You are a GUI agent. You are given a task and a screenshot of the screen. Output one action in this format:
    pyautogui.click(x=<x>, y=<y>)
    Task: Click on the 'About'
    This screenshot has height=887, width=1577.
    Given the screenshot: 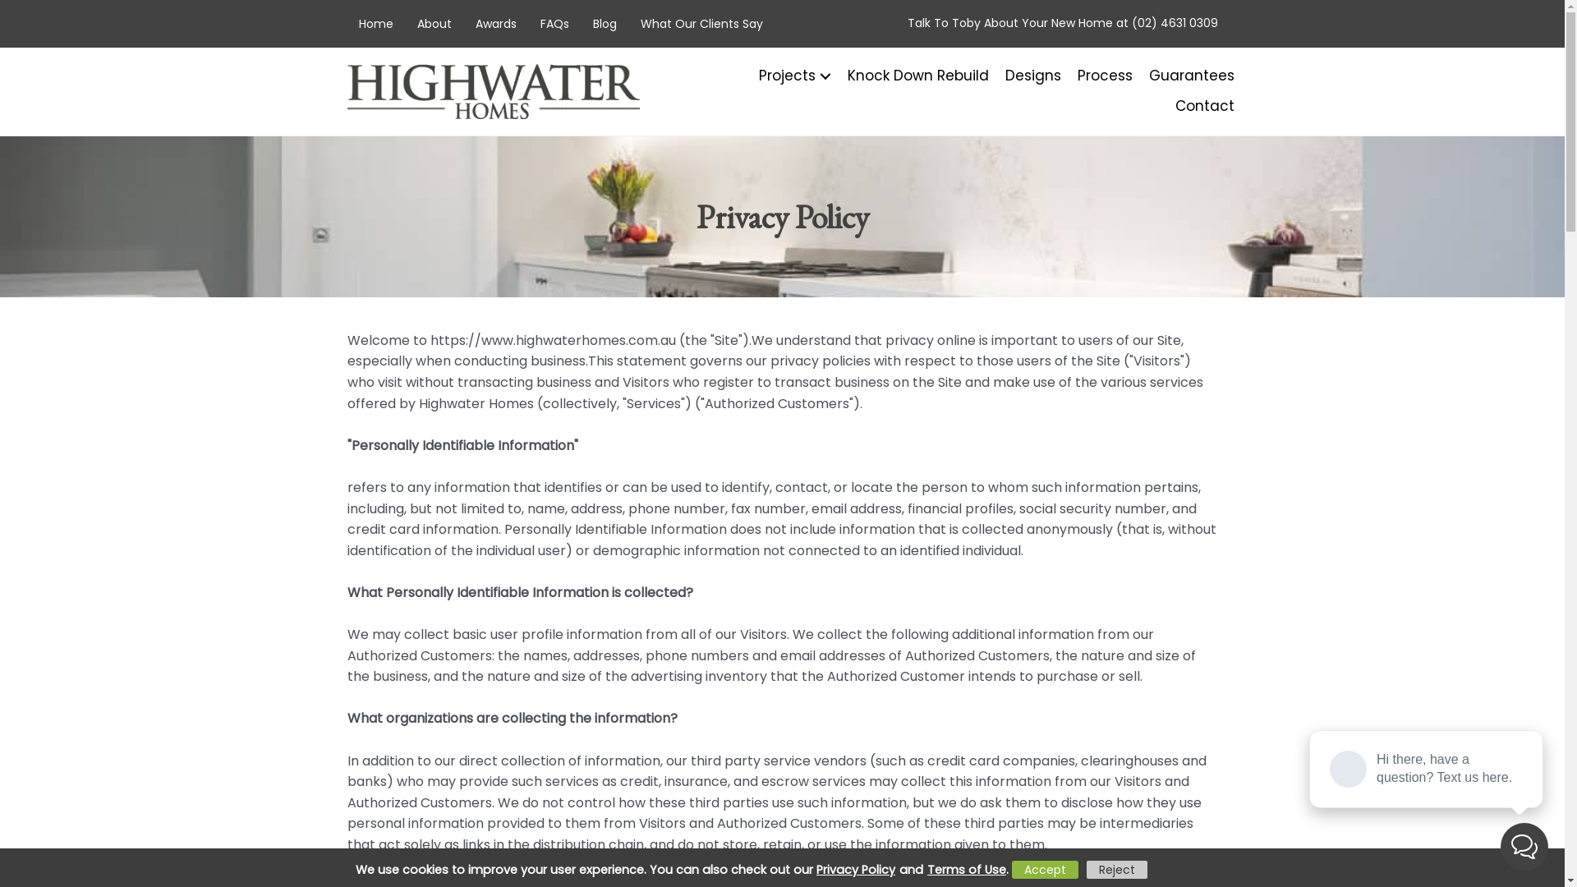 What is the action you would take?
    pyautogui.click(x=434, y=24)
    